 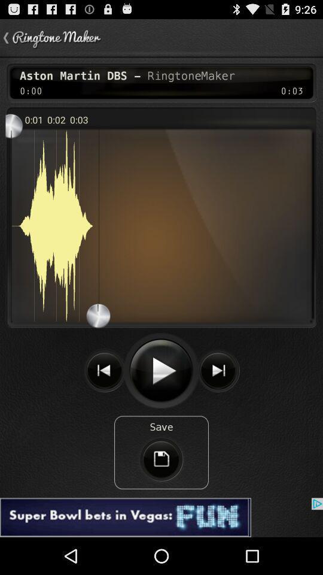 What do you see at coordinates (217, 397) in the screenshot?
I see `the skip_next icon` at bounding box center [217, 397].